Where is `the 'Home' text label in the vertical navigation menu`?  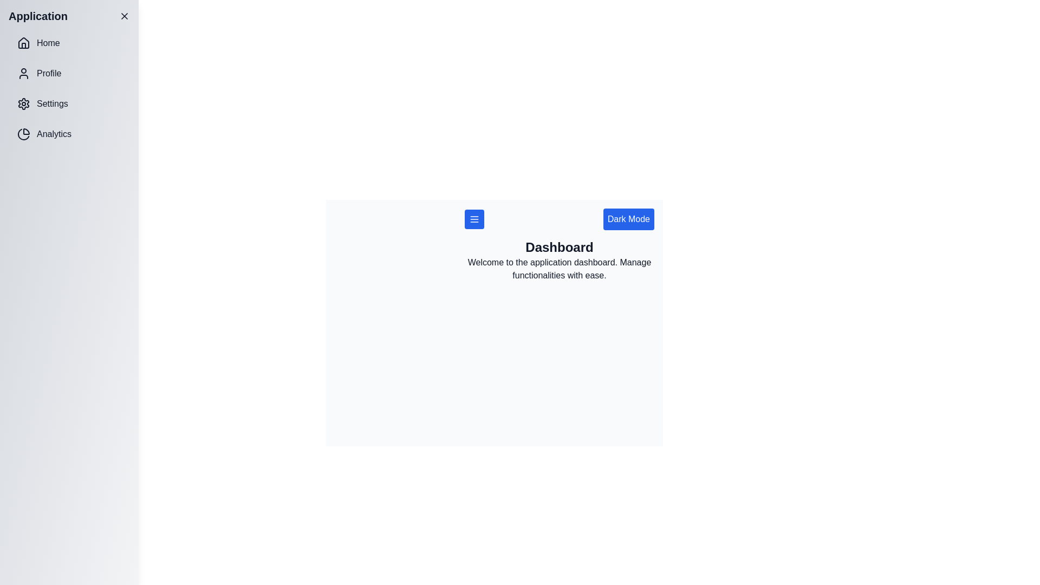
the 'Home' text label in the vertical navigation menu is located at coordinates (48, 43).